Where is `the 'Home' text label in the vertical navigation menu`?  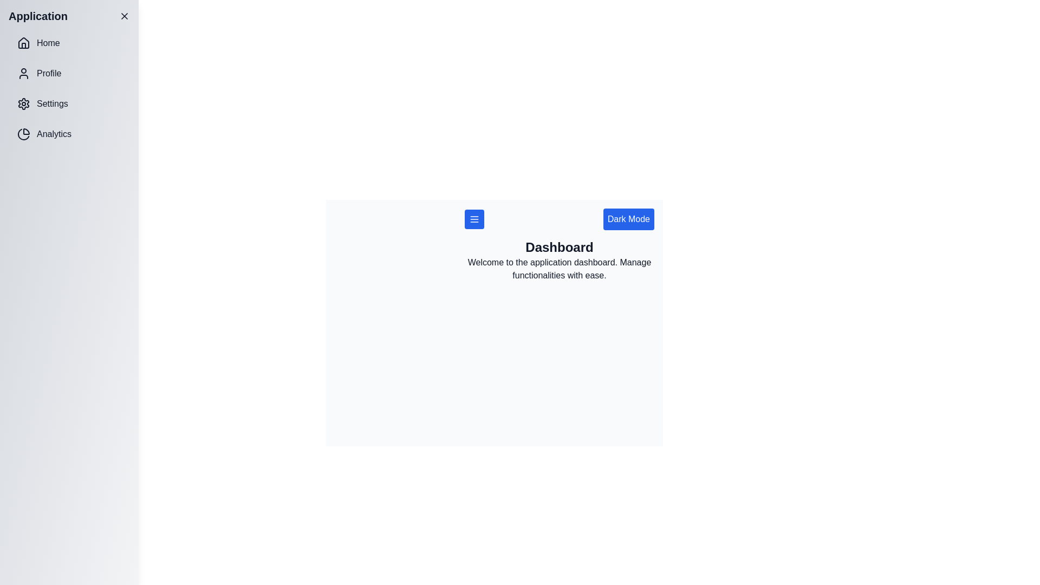
the 'Home' text label in the vertical navigation menu is located at coordinates (48, 43).